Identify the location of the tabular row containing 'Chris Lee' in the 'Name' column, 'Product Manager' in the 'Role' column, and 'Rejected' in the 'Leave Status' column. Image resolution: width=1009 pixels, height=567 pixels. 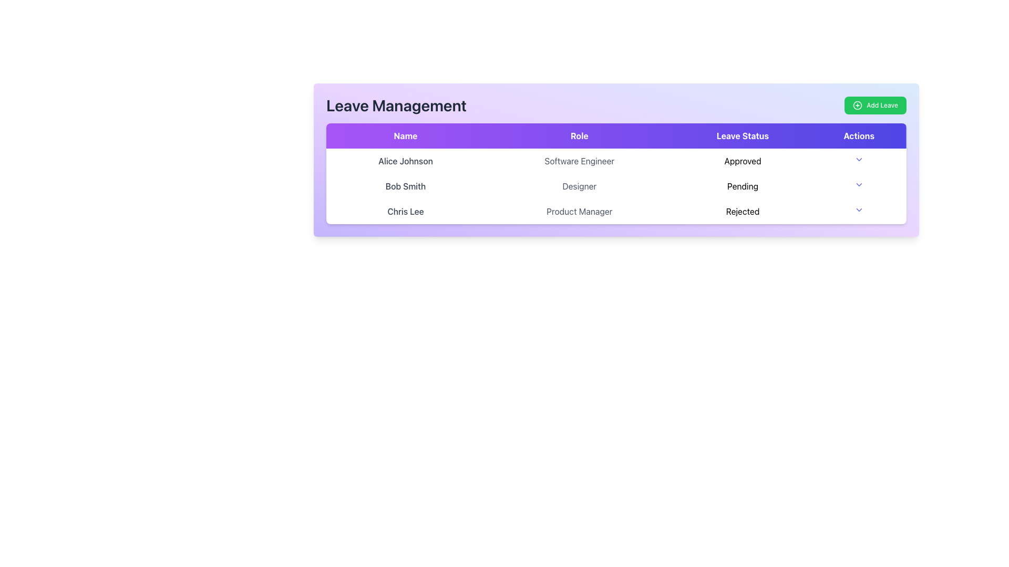
(616, 211).